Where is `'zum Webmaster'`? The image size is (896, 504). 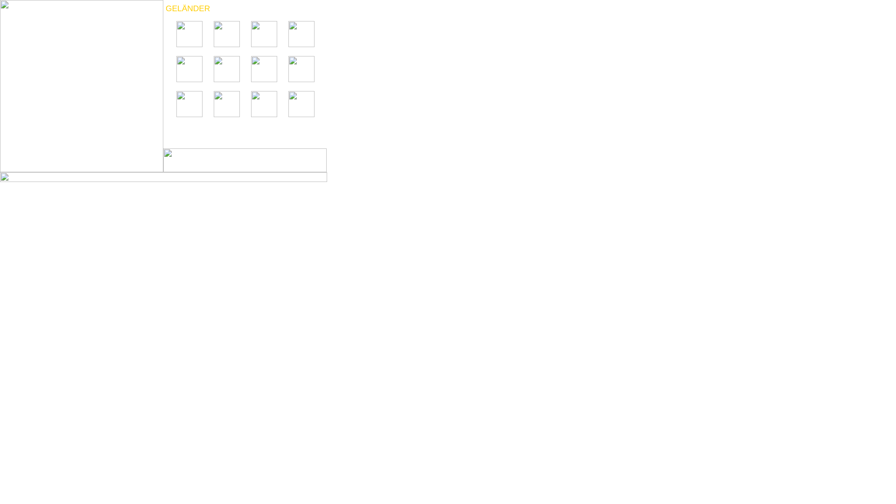 'zum Webmaster' is located at coordinates (0, 180).